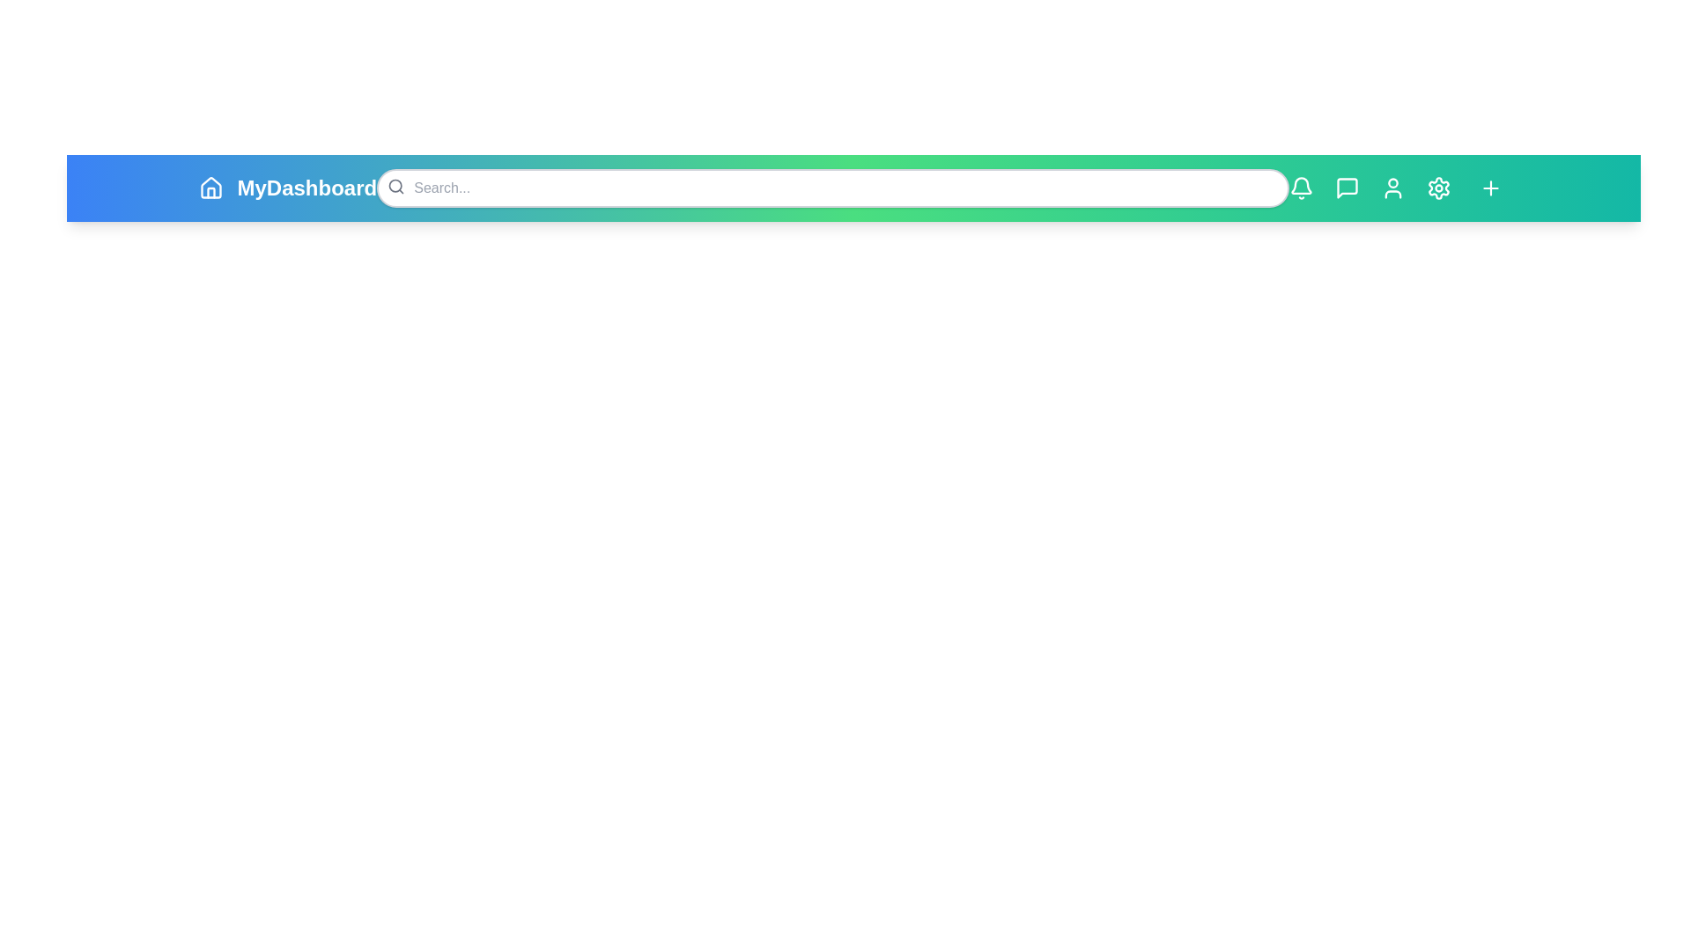  Describe the element at coordinates (1392, 188) in the screenshot. I see `the icon with User to view its hover effect` at that location.